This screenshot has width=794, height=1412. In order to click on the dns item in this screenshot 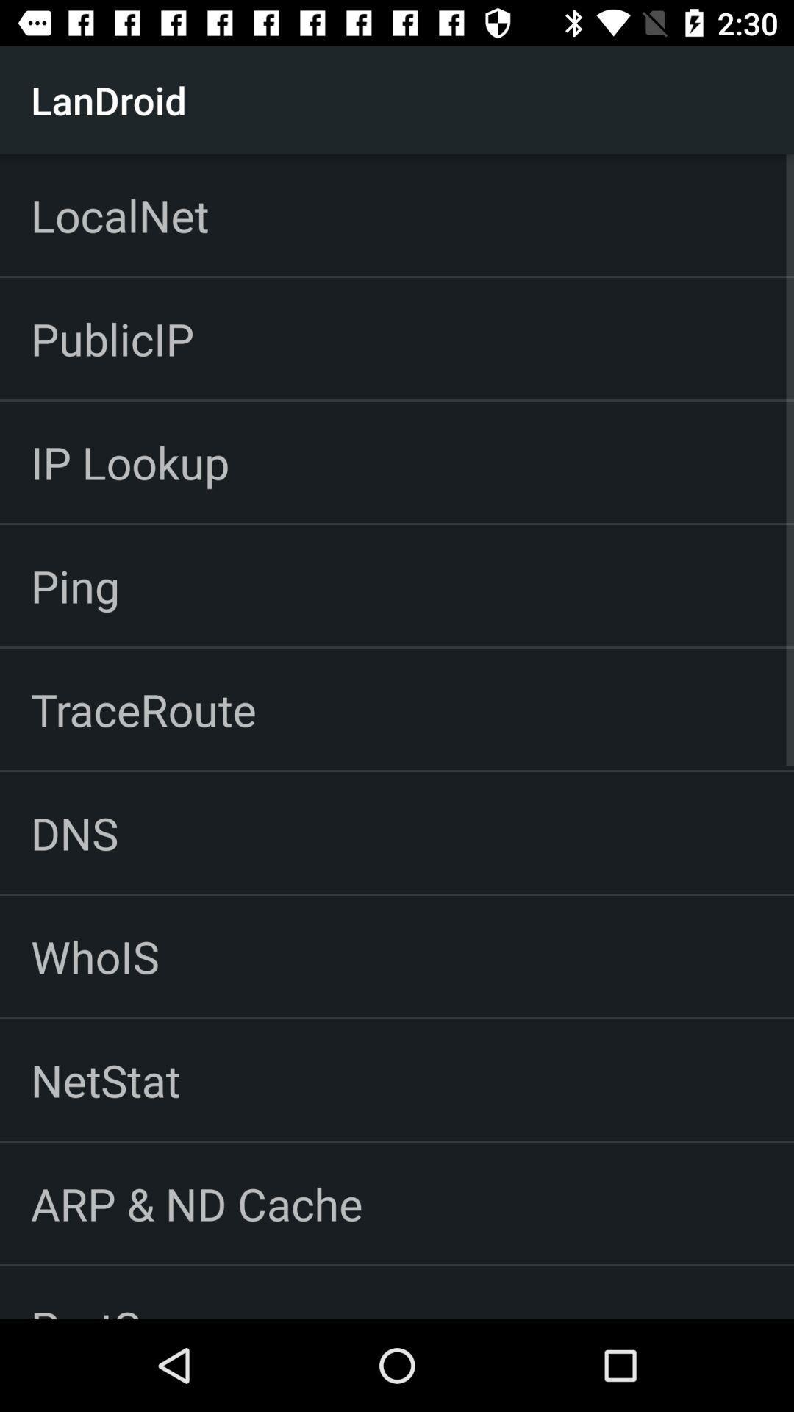, I will do `click(74, 832)`.